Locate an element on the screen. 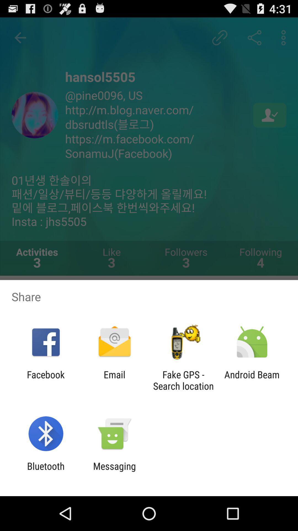  the app to the left of android beam is located at coordinates (183, 380).